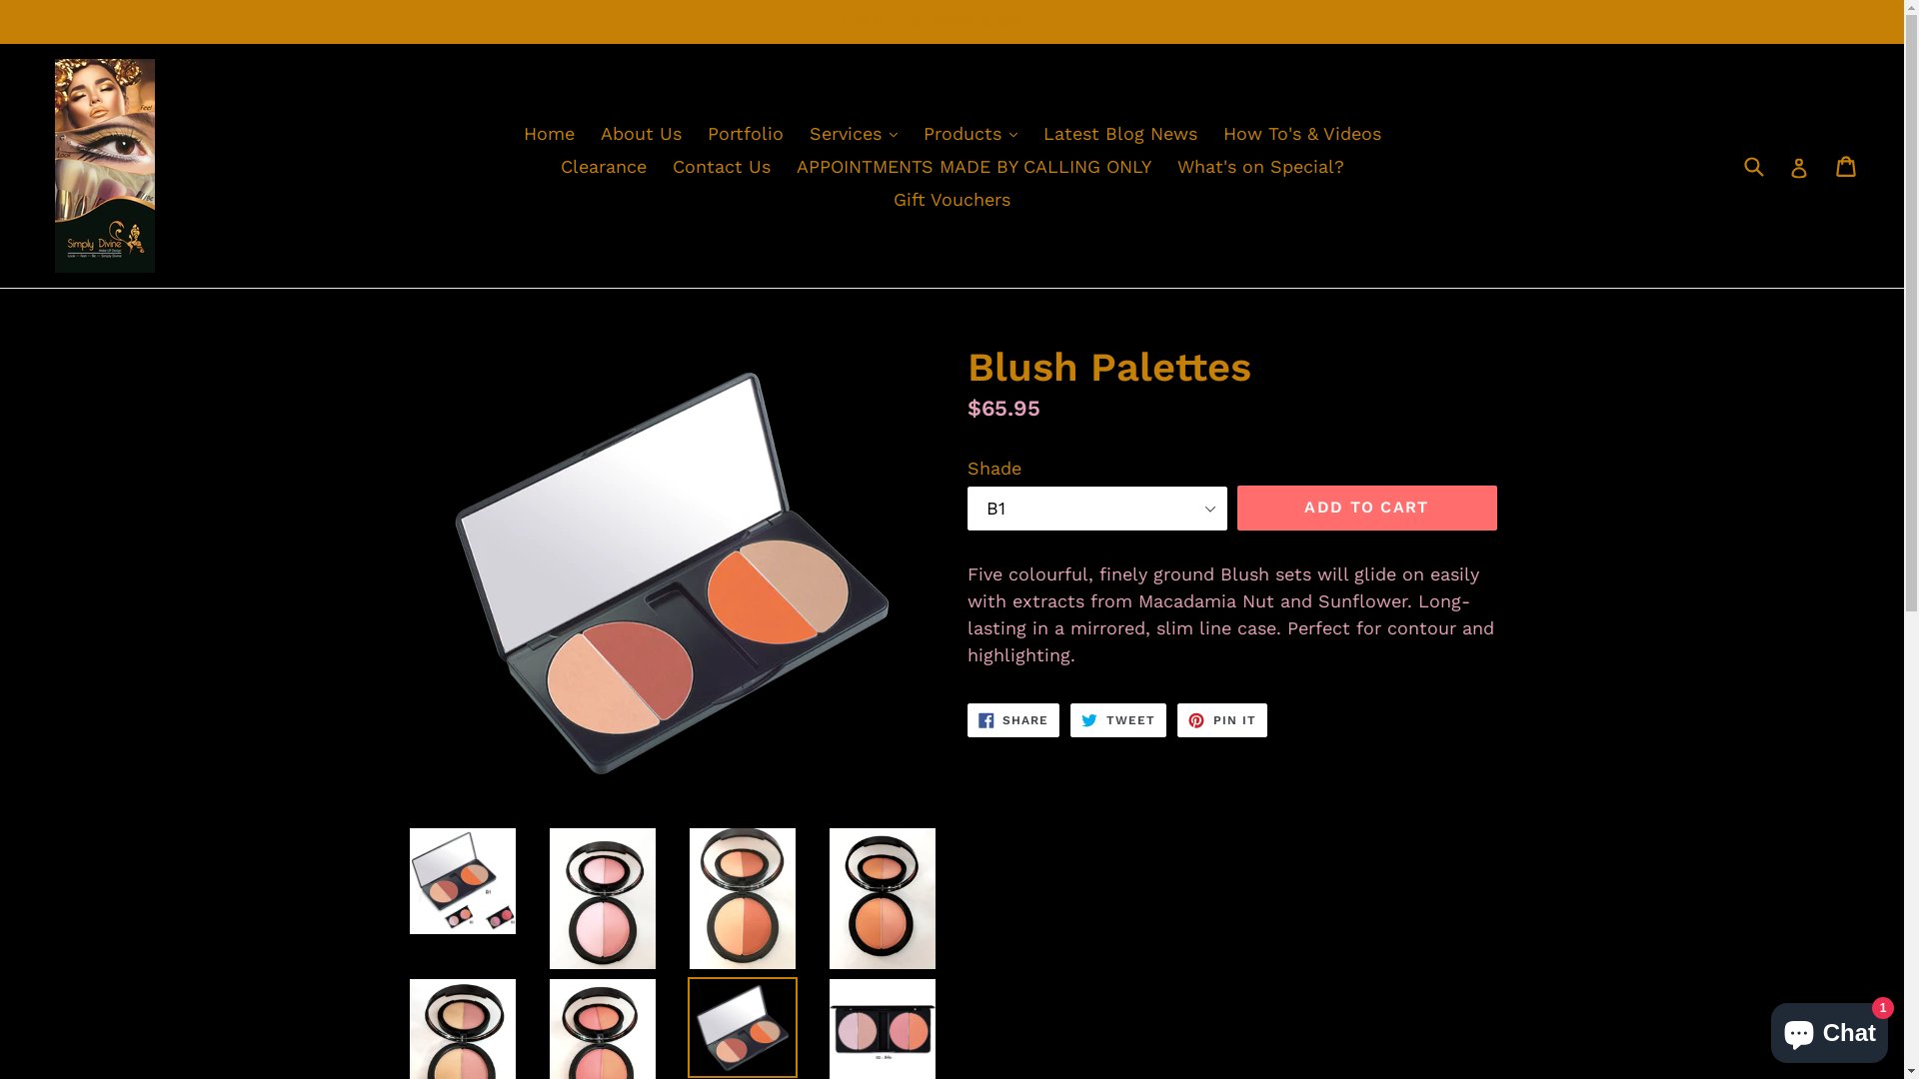  What do you see at coordinates (1799, 164) in the screenshot?
I see `'Log in'` at bounding box center [1799, 164].